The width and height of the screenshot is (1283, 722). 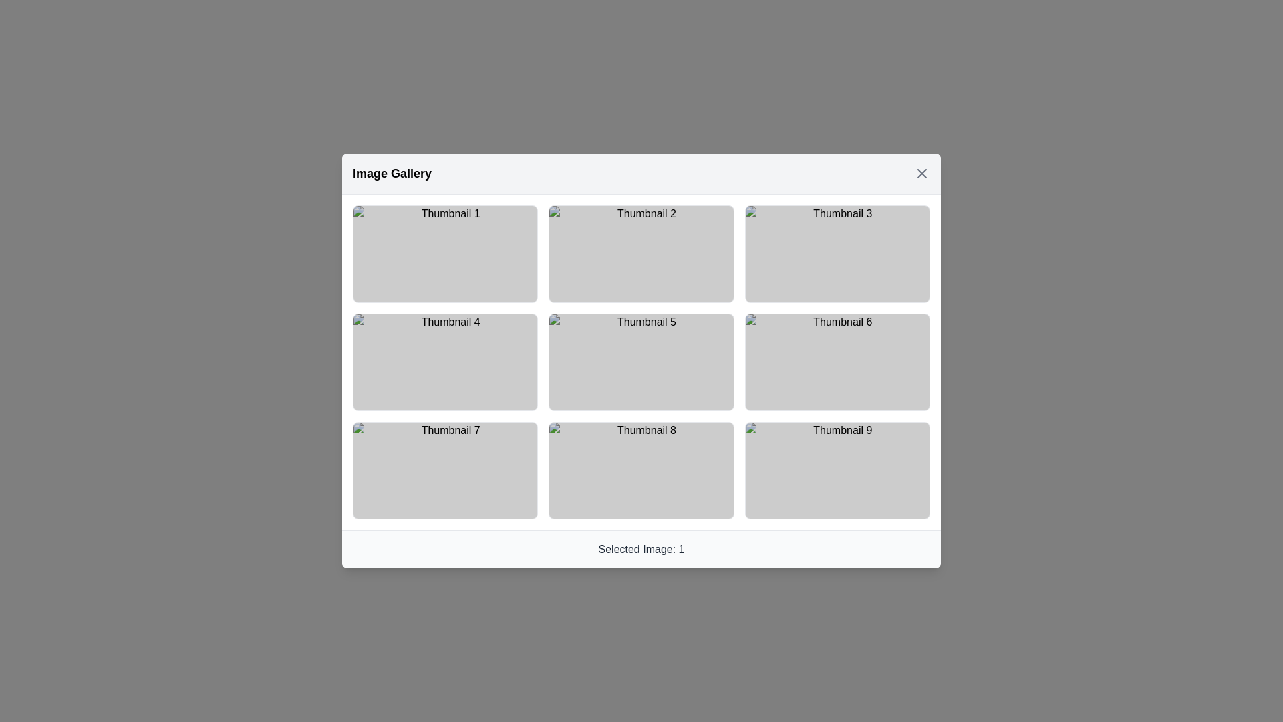 I want to click on the transparent overlay with a black background in the image gallery that increases opacity when hovered, so click(x=445, y=362).